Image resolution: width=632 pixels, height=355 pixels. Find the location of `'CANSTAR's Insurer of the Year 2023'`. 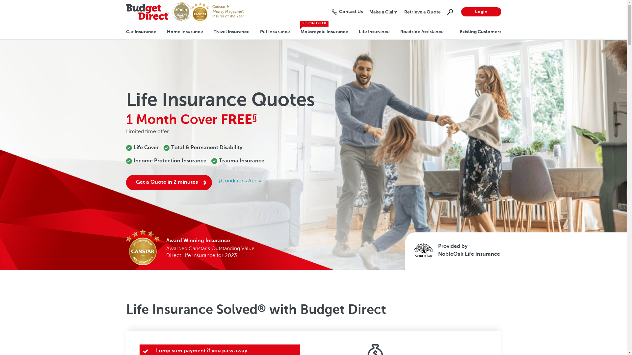

'CANSTAR's Insurer of the Year 2023' is located at coordinates (191, 12).